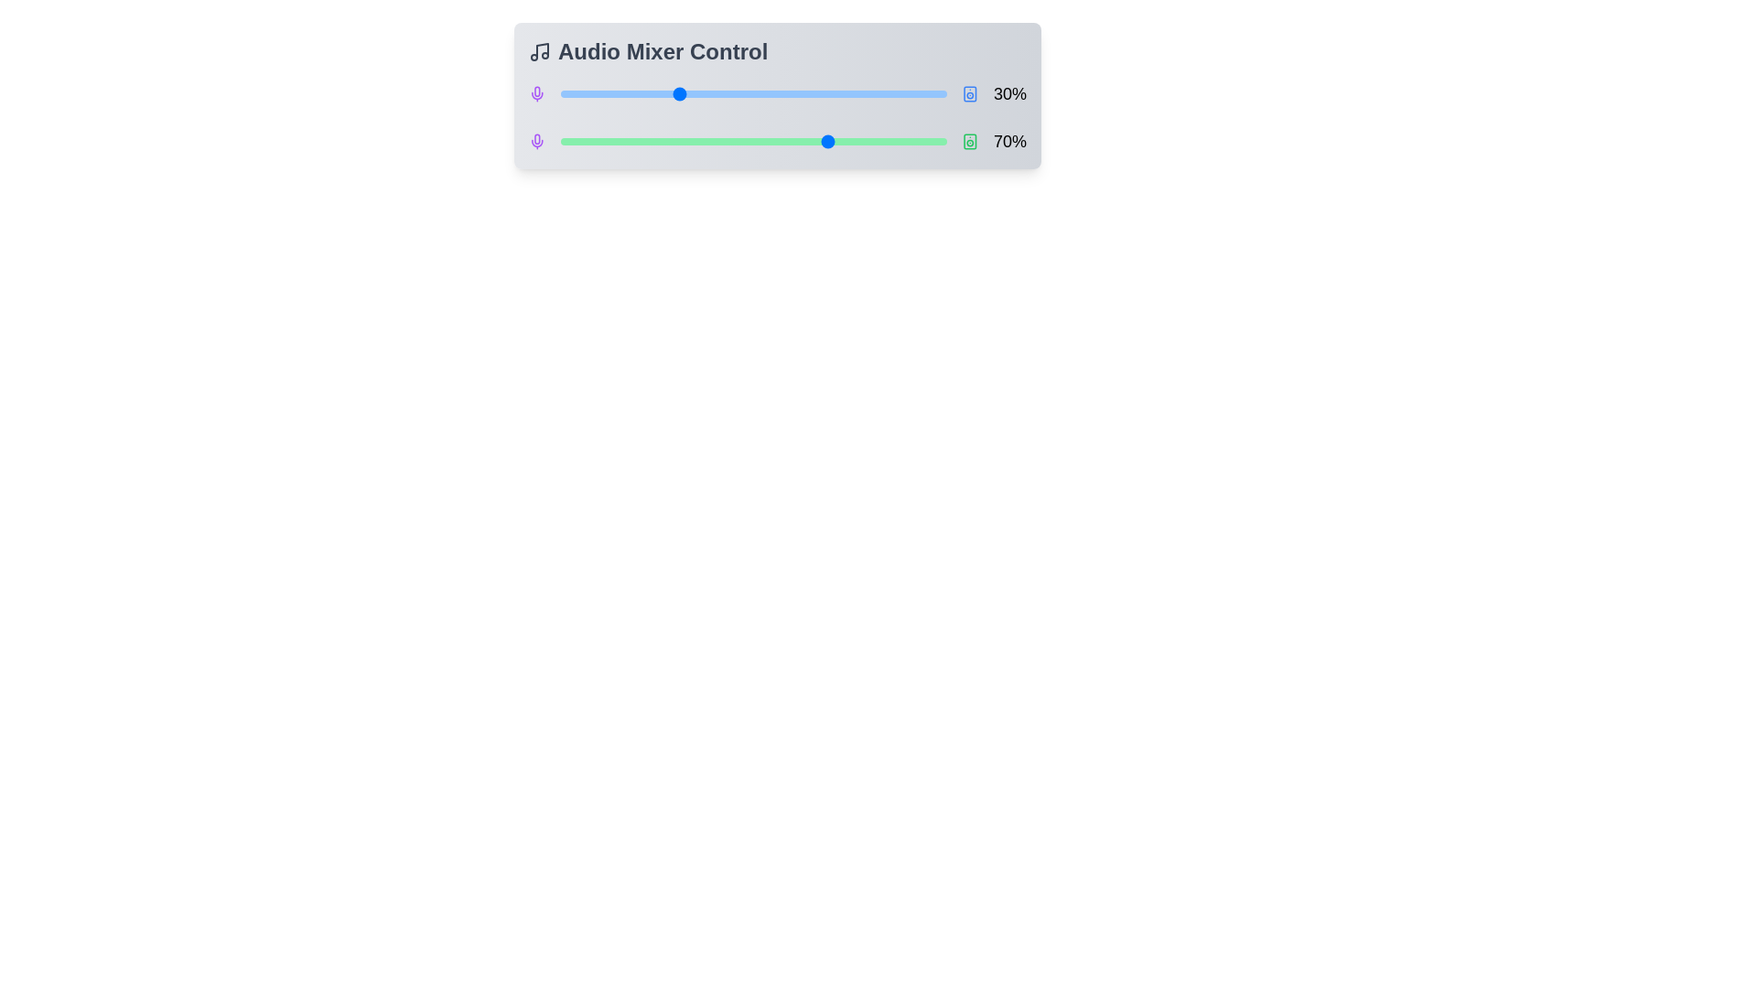  Describe the element at coordinates (674, 94) in the screenshot. I see `the slider` at that location.